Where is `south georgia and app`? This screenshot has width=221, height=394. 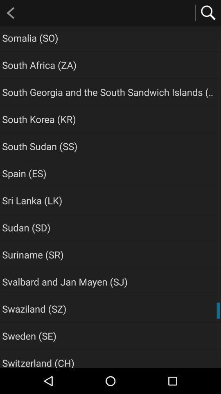
south georgia and app is located at coordinates (109, 92).